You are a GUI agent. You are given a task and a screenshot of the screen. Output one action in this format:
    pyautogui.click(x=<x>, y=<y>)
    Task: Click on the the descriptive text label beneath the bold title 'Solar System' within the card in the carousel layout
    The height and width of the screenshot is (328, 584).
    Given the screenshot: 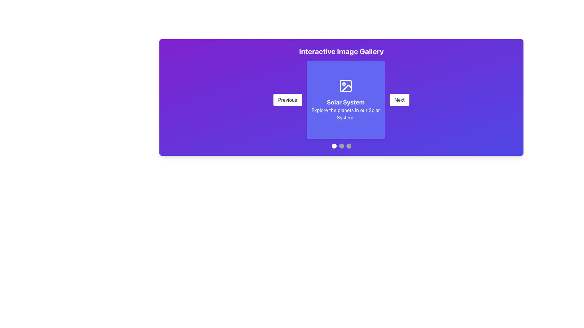 What is the action you would take?
    pyautogui.click(x=346, y=114)
    